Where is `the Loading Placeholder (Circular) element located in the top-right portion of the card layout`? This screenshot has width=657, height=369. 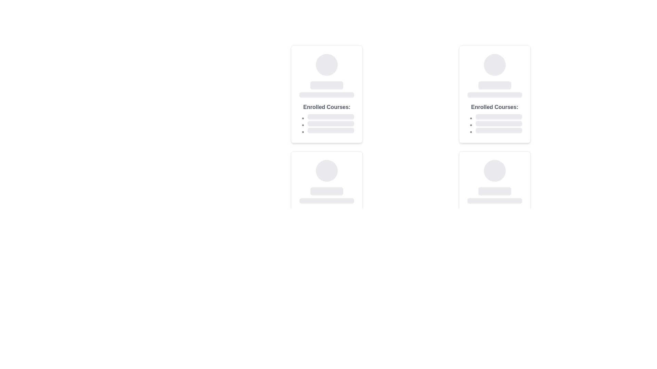 the Loading Placeholder (Circular) element located in the top-right portion of the card layout is located at coordinates (494, 65).